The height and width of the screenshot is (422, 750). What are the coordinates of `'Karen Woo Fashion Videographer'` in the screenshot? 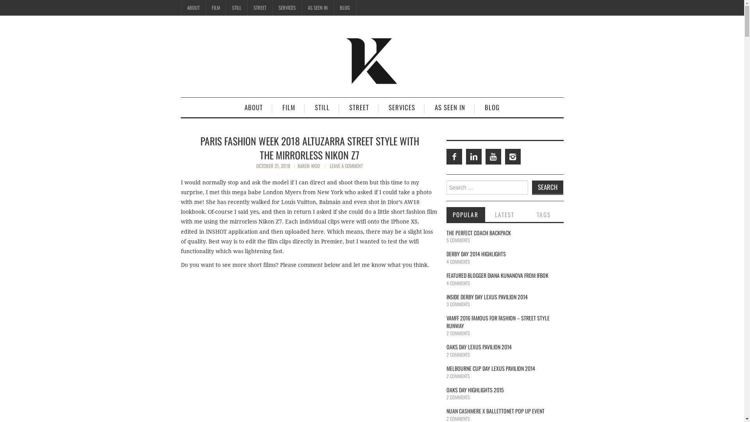 It's located at (371, 59).